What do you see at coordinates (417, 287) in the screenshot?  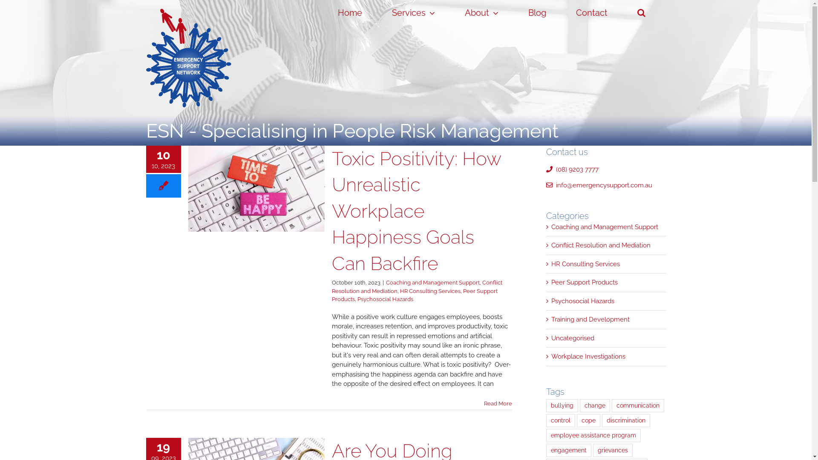 I see `'Conflict Resolution and Mediation'` at bounding box center [417, 287].